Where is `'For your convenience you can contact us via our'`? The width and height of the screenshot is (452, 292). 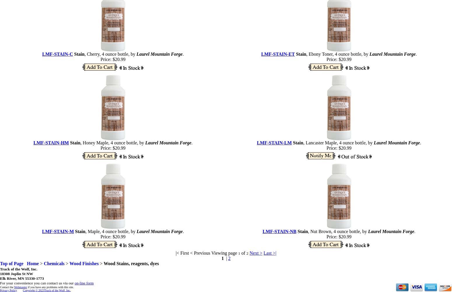
'For your convenience you can contact us via our' is located at coordinates (37, 282).